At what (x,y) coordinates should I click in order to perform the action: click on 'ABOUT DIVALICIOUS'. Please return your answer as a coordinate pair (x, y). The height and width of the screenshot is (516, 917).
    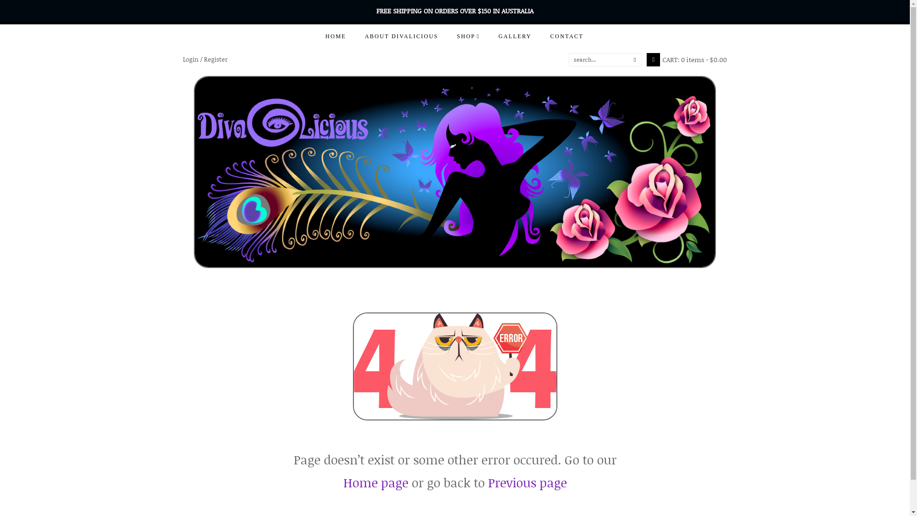
    Looking at the image, I should click on (401, 36).